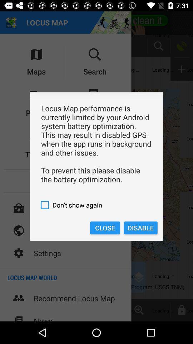 Image resolution: width=193 pixels, height=344 pixels. I want to click on the item to the right of close, so click(140, 228).